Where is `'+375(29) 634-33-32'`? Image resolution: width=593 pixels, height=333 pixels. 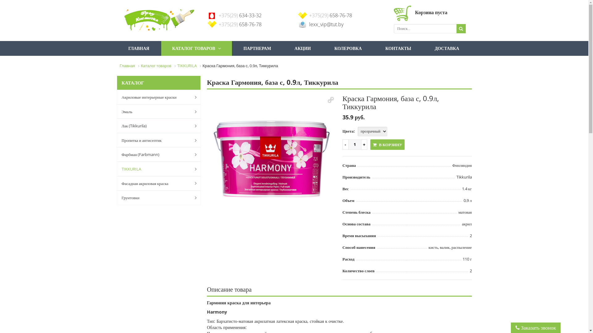 '+375(29) 634-33-32' is located at coordinates (219, 15).